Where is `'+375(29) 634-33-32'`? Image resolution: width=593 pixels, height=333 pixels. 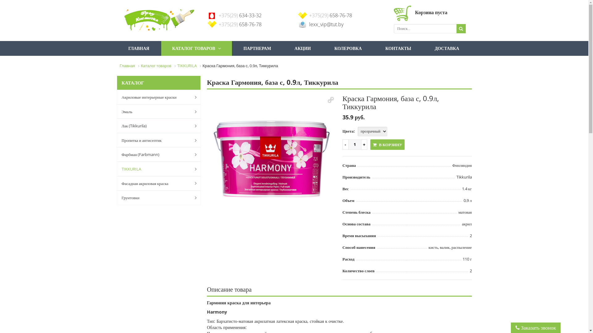 '+375(29) 634-33-32' is located at coordinates (219, 15).